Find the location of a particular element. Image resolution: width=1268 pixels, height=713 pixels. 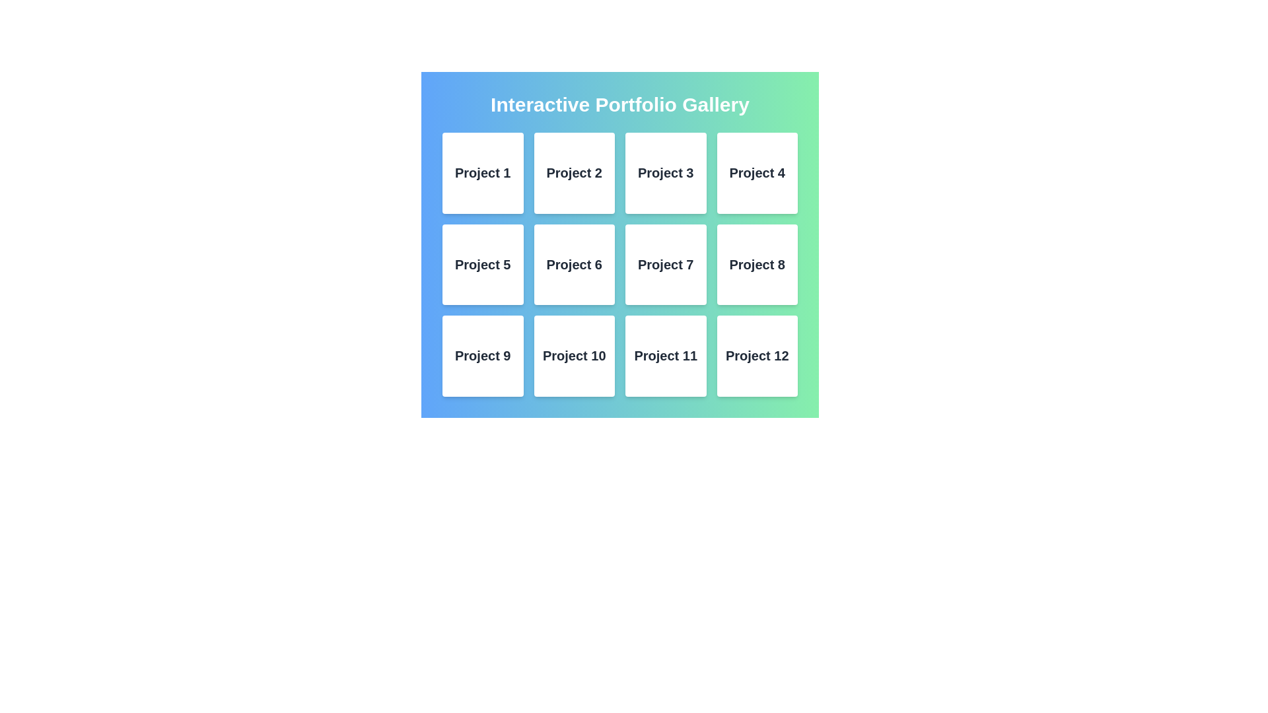

the circular share button with a gray background located at the top-right corner of the 'Project 8' card to observe the background color change to white is located at coordinates (774, 264).